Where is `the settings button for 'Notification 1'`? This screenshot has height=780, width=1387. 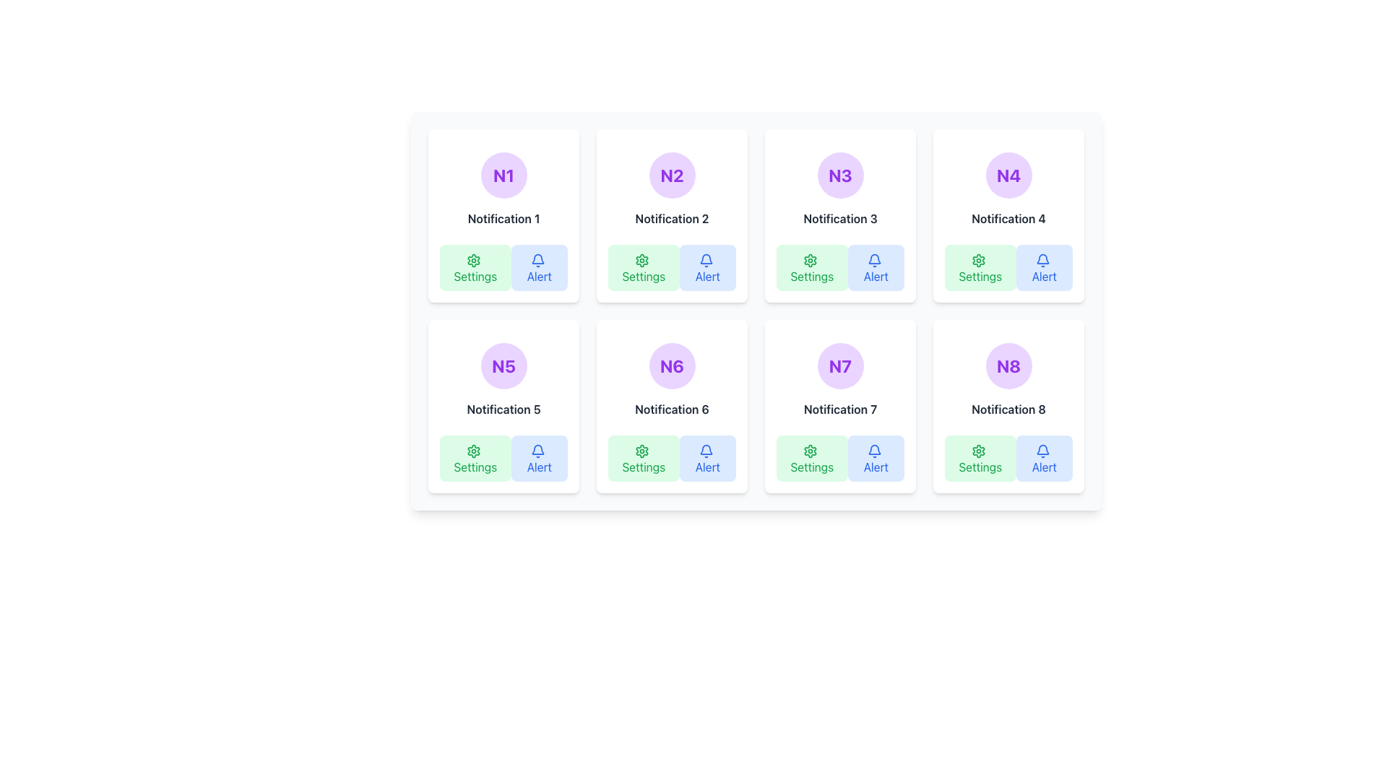
the settings button for 'Notification 1' is located at coordinates (475, 267).